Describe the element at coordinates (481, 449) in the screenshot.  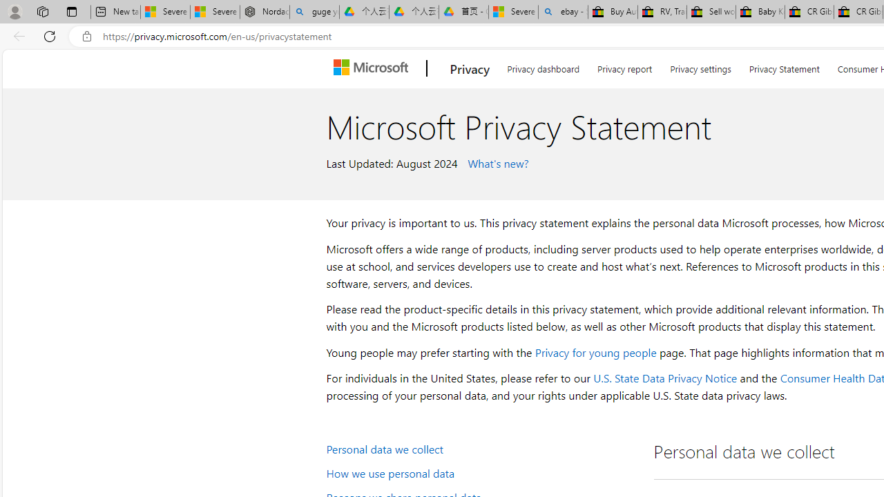
I see `'Personal data we collect'` at that location.